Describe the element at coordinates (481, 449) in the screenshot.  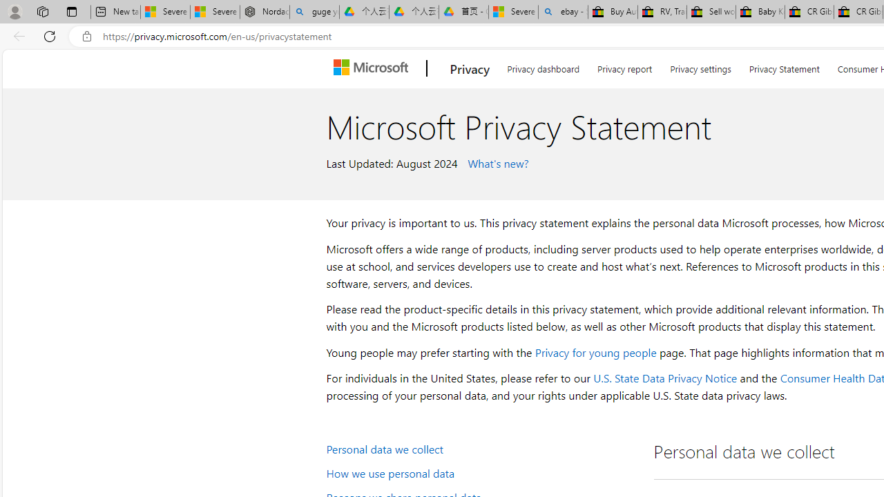
I see `'Personal data we collect'` at that location.